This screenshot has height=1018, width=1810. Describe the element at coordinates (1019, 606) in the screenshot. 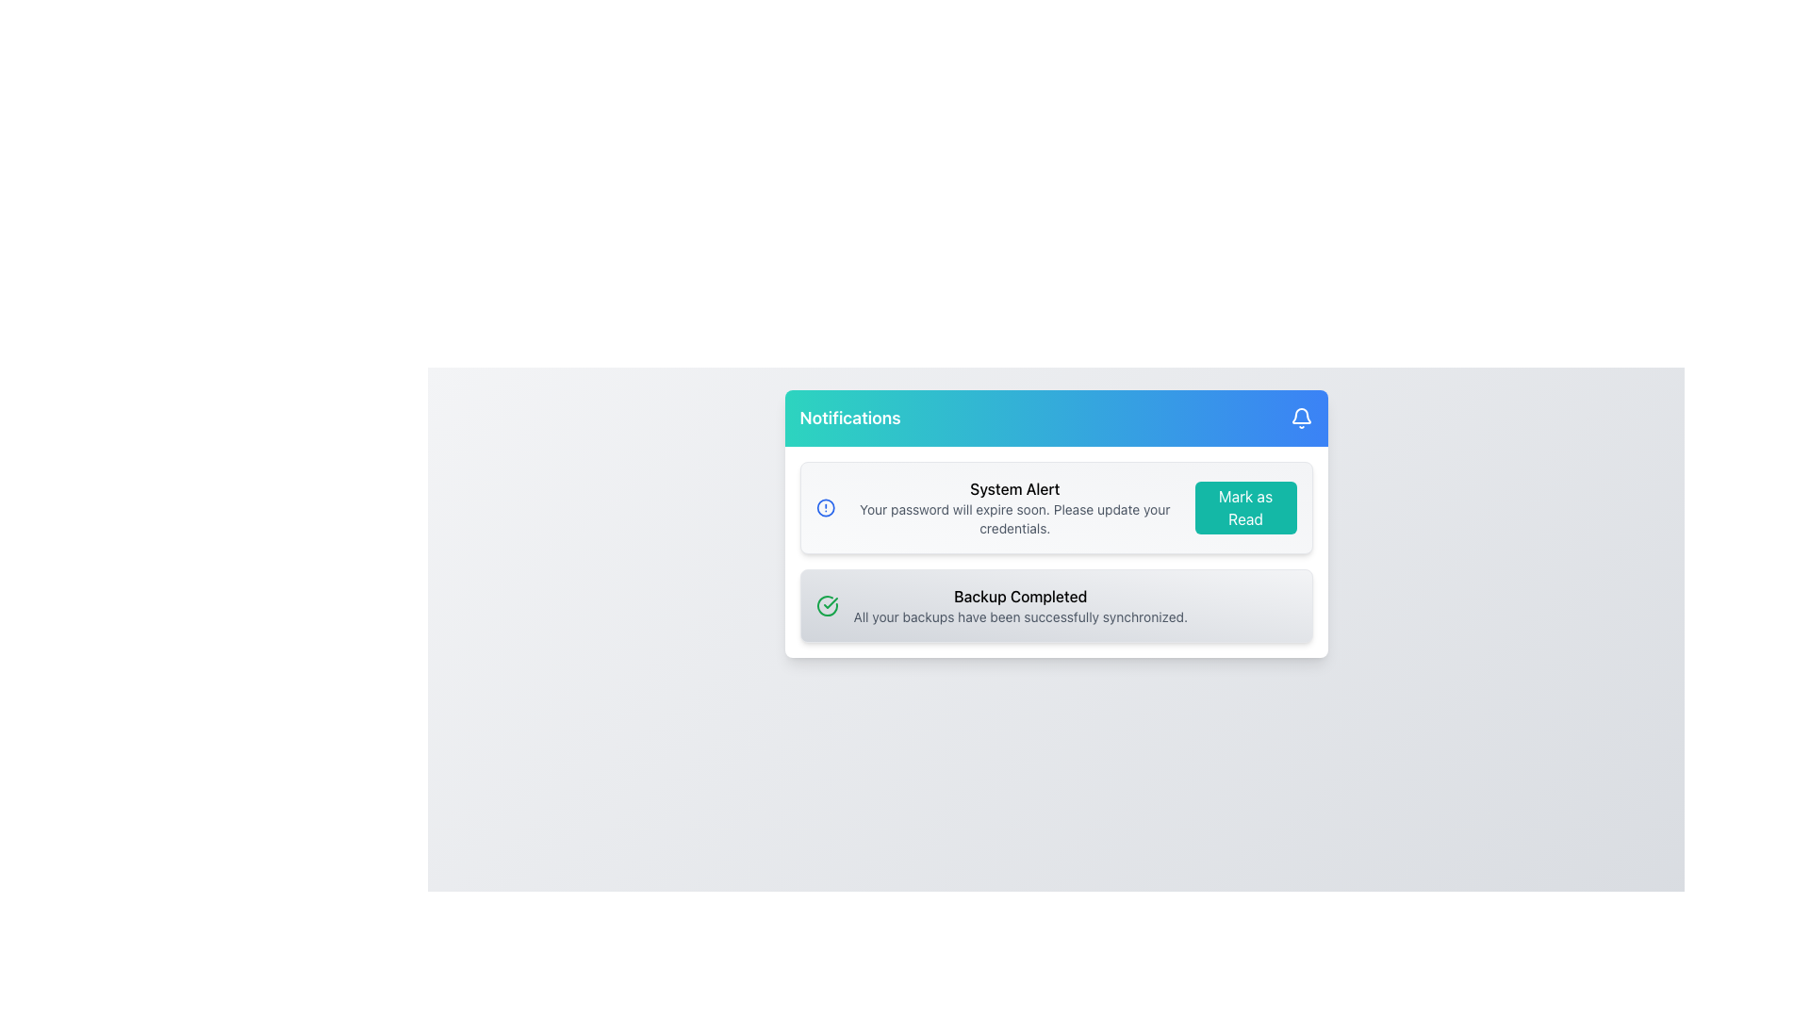

I see `the information displayed in the textual notification located in the second notification card under the 'Notifications' section, directly below the 'System Alert.'` at that location.